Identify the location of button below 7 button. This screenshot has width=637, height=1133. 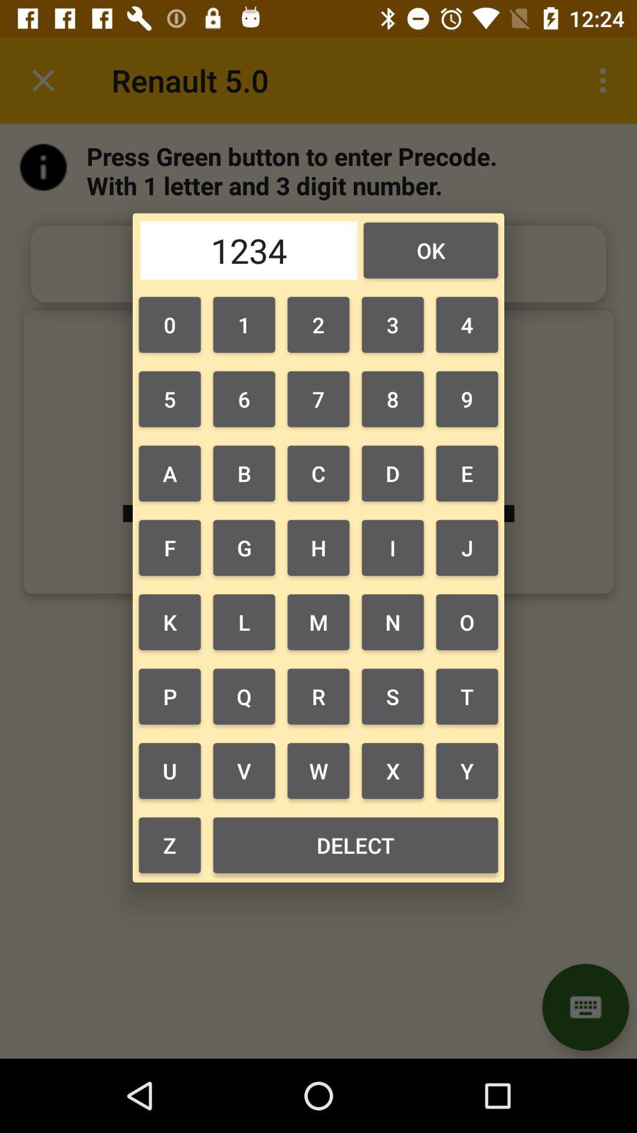
(393, 473).